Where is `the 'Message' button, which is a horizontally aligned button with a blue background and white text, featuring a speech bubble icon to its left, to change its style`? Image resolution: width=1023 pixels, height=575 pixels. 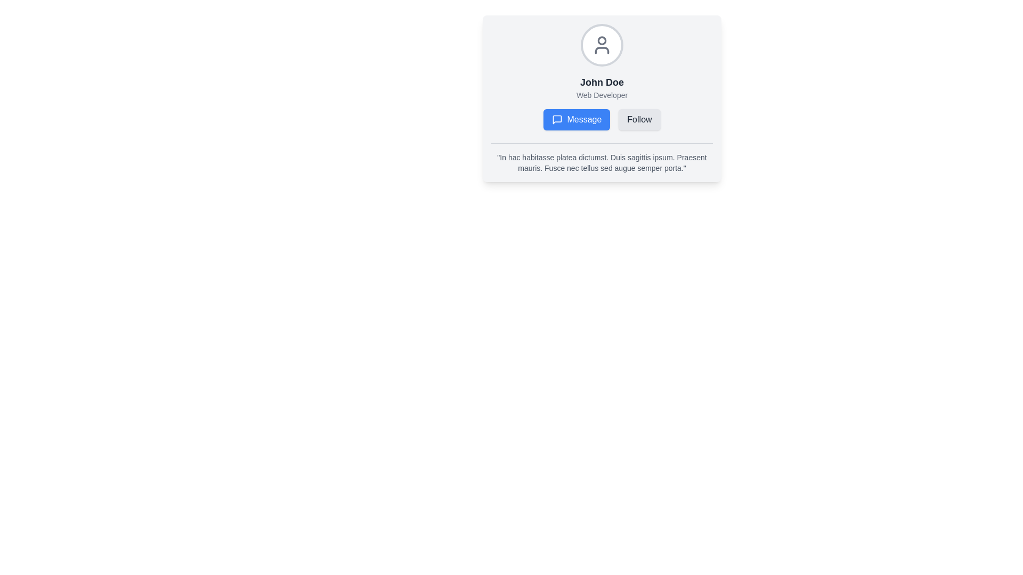 the 'Message' button, which is a horizontally aligned button with a blue background and white text, featuring a speech bubble icon to its left, to change its style is located at coordinates (602, 119).